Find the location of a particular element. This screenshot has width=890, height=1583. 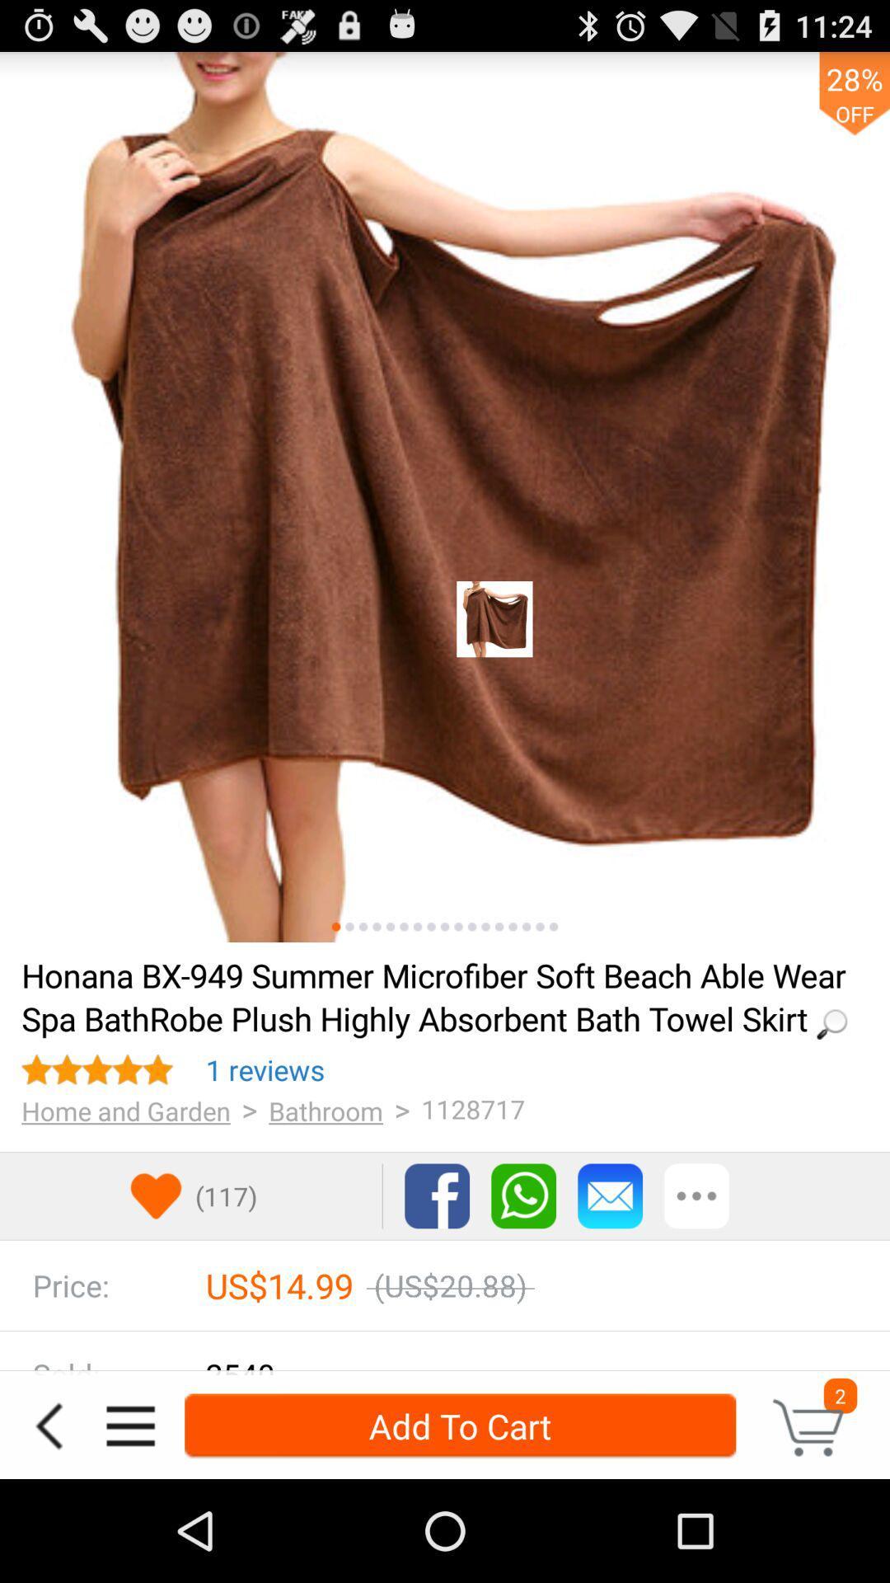

next image is located at coordinates (430, 927).